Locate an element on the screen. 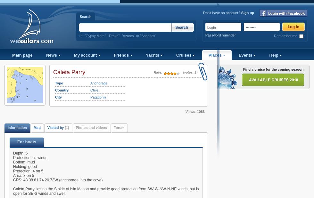 The image size is (314, 198). 'Search a place' is located at coordinates (21, 92).